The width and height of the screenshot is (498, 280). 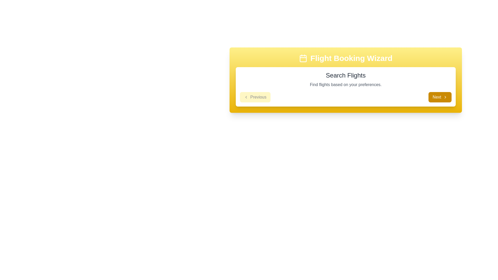 I want to click on the left-facing chevron icon located within the 'Previous' button on the bottom-left area of the yellow card in the 'Flight Booking Wizard' interface, so click(x=246, y=97).